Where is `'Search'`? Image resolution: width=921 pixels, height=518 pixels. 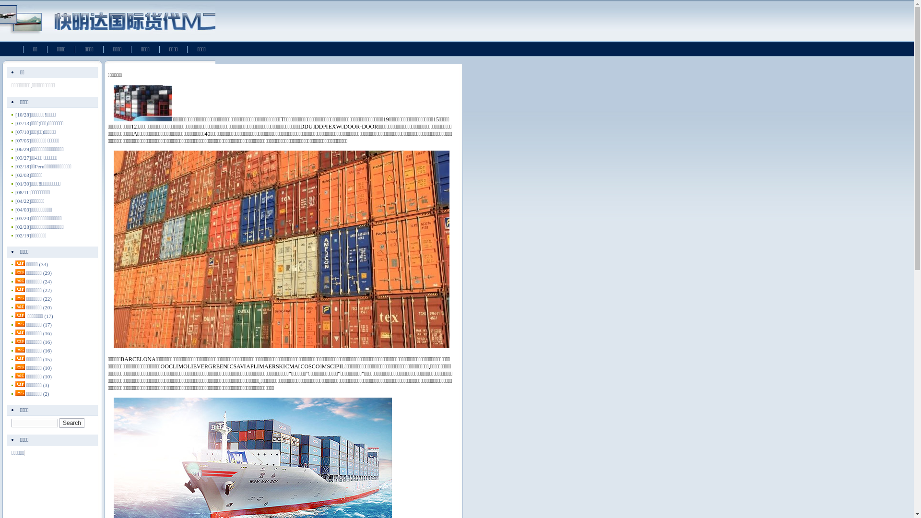 'Search' is located at coordinates (71, 423).